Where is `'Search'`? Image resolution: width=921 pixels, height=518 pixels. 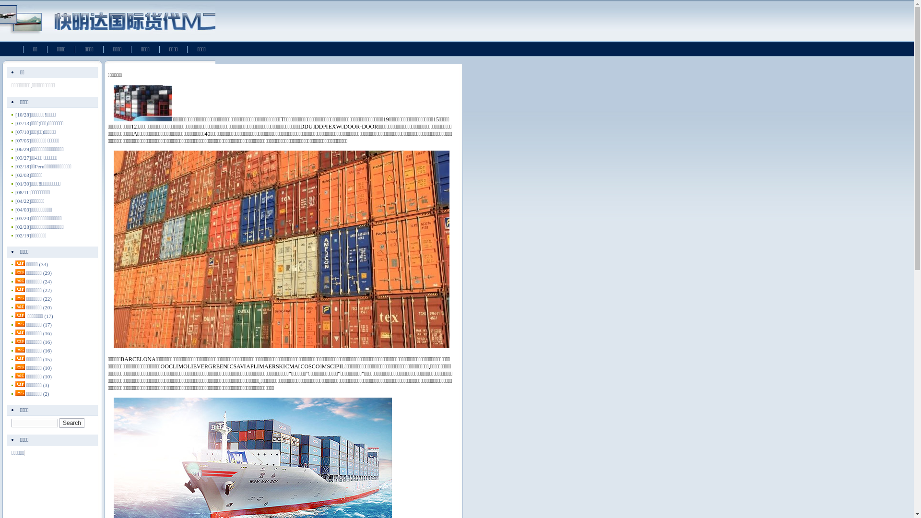 'Search' is located at coordinates (71, 423).